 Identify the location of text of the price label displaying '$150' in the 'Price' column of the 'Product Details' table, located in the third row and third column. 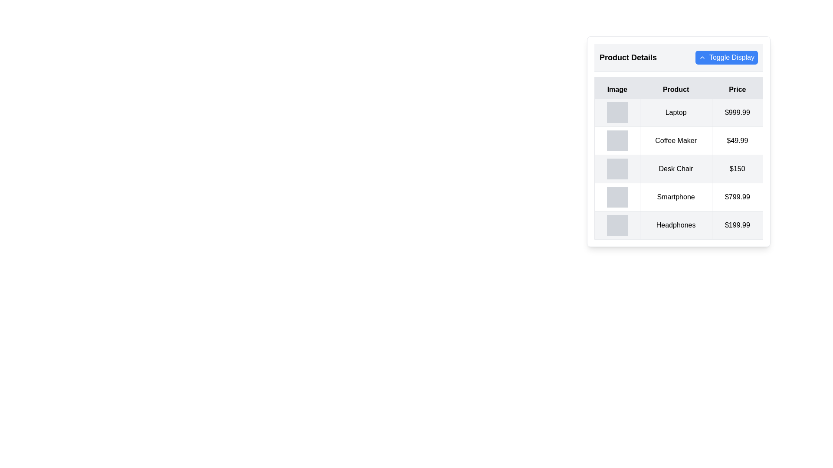
(737, 169).